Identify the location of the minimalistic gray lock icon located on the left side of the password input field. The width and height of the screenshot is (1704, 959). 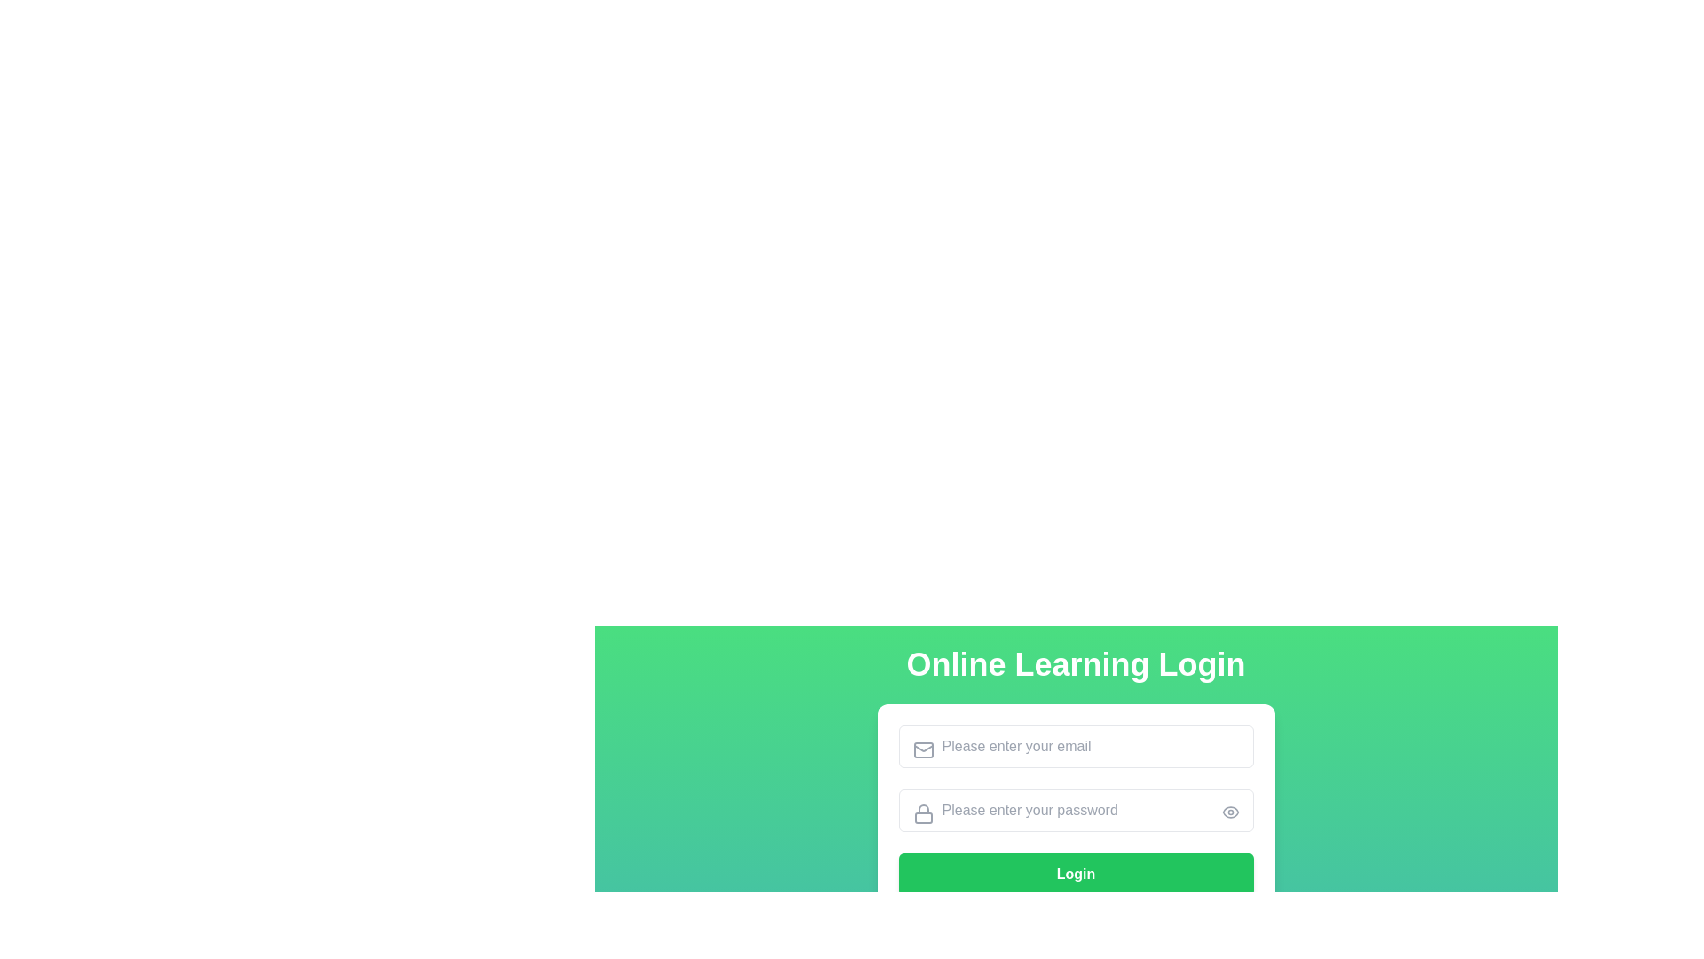
(923, 814).